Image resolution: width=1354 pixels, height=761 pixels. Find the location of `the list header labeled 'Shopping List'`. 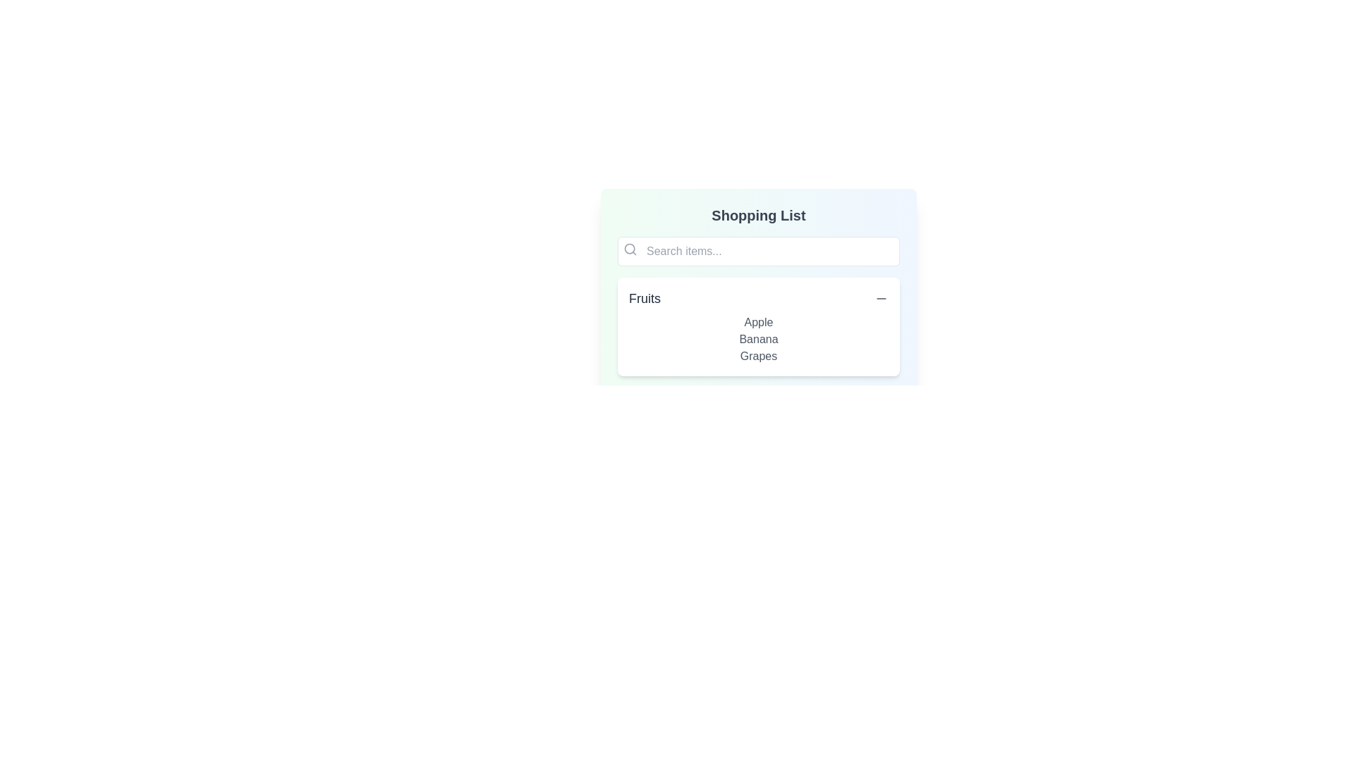

the list header labeled 'Shopping List' is located at coordinates (757, 215).